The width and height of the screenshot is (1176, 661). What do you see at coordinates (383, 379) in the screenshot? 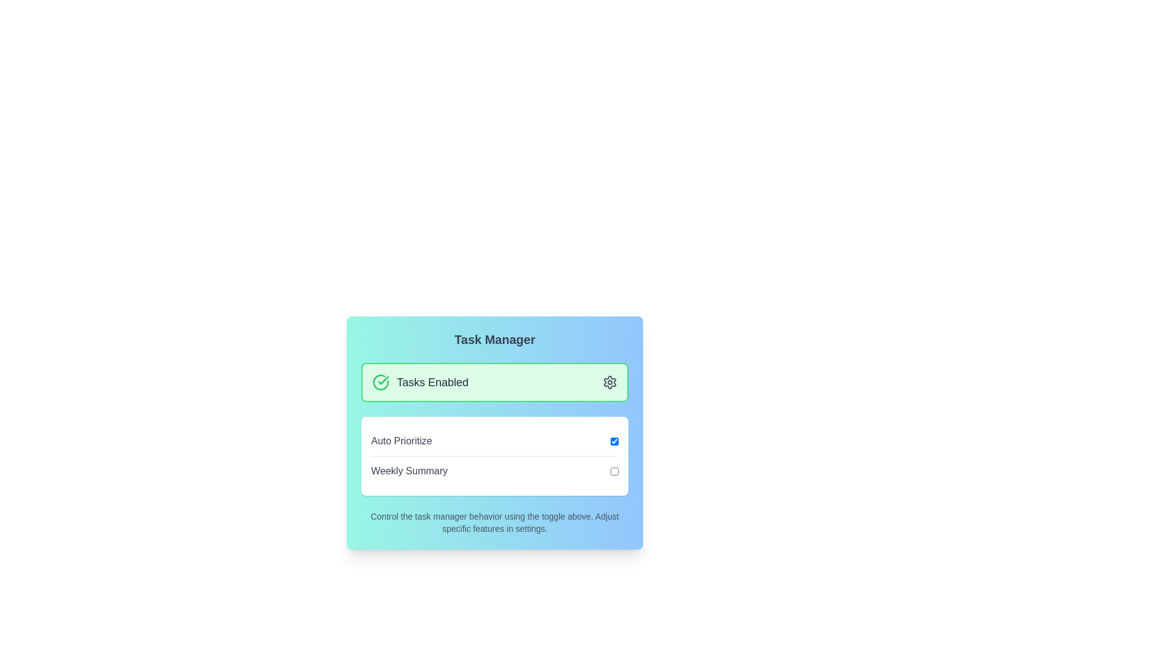
I see `the green checkmark icon, which is part of the success confirmation icon located in the top-left of the 'Tasks Enabled' section` at bounding box center [383, 379].